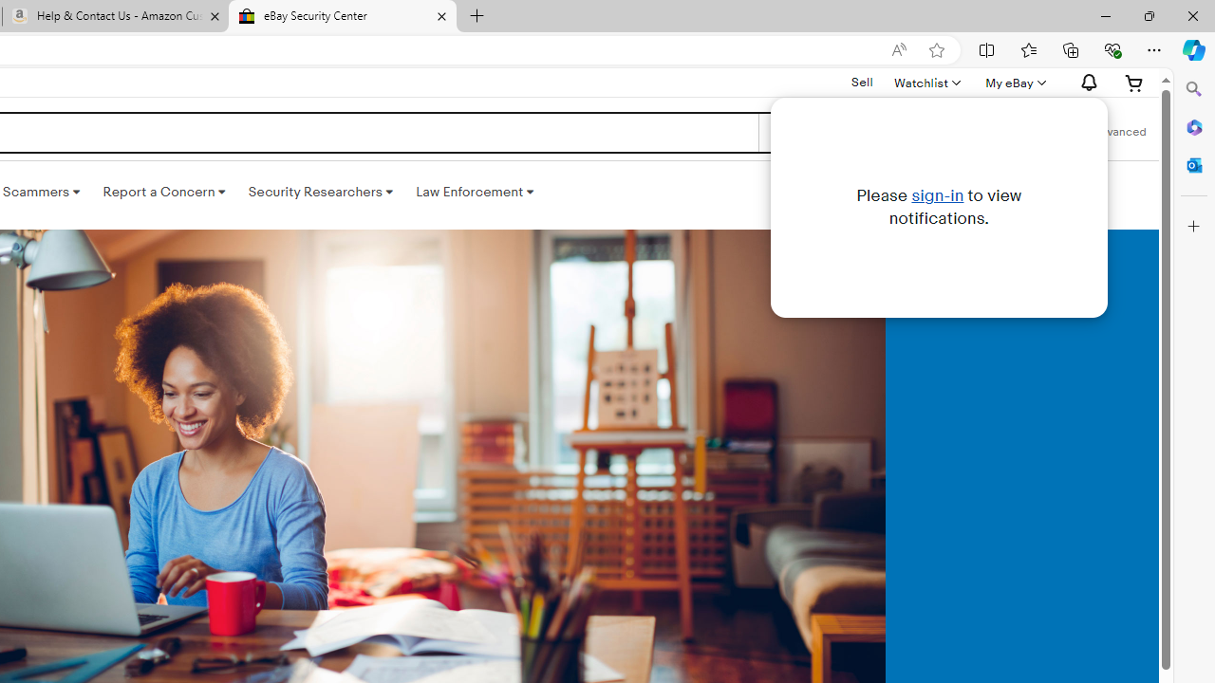  Describe the element at coordinates (1119, 132) in the screenshot. I see `'Advanced Search'` at that location.